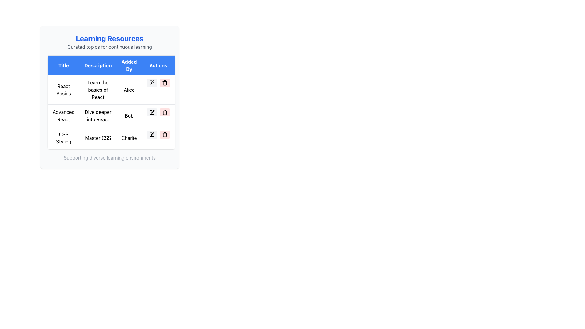 Image resolution: width=585 pixels, height=329 pixels. I want to click on the edit button icon in the third row of the table under the 'Actions' column for the 'CSS Styling' entry, so click(152, 134).